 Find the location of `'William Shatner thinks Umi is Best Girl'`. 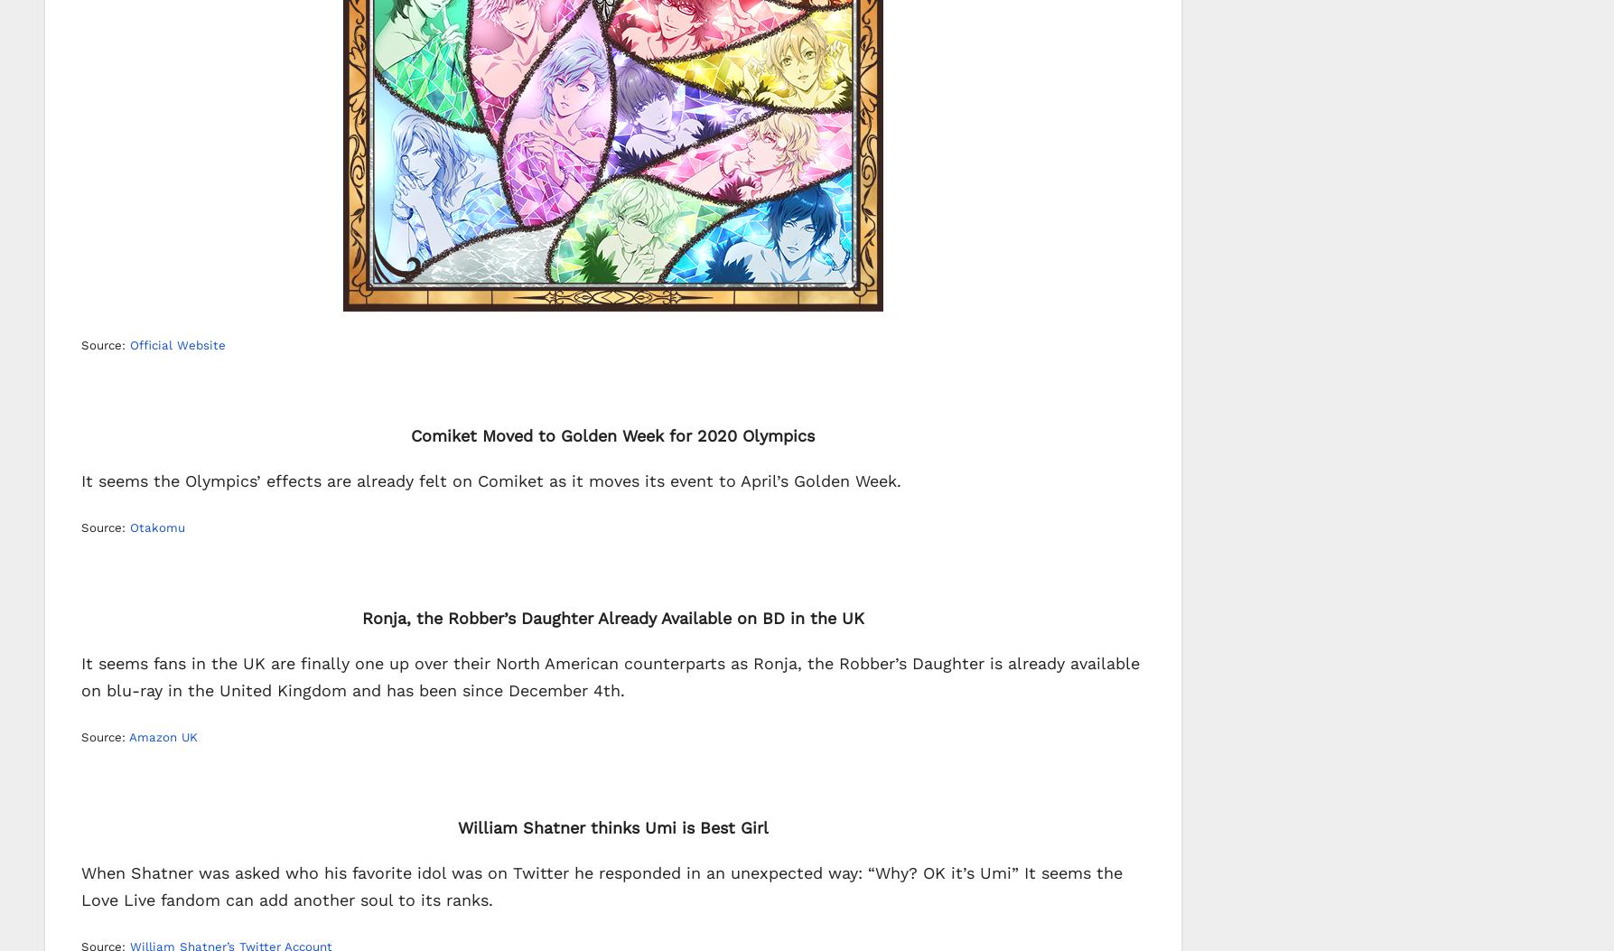

'William Shatner thinks Umi is Best Girl' is located at coordinates (611, 825).